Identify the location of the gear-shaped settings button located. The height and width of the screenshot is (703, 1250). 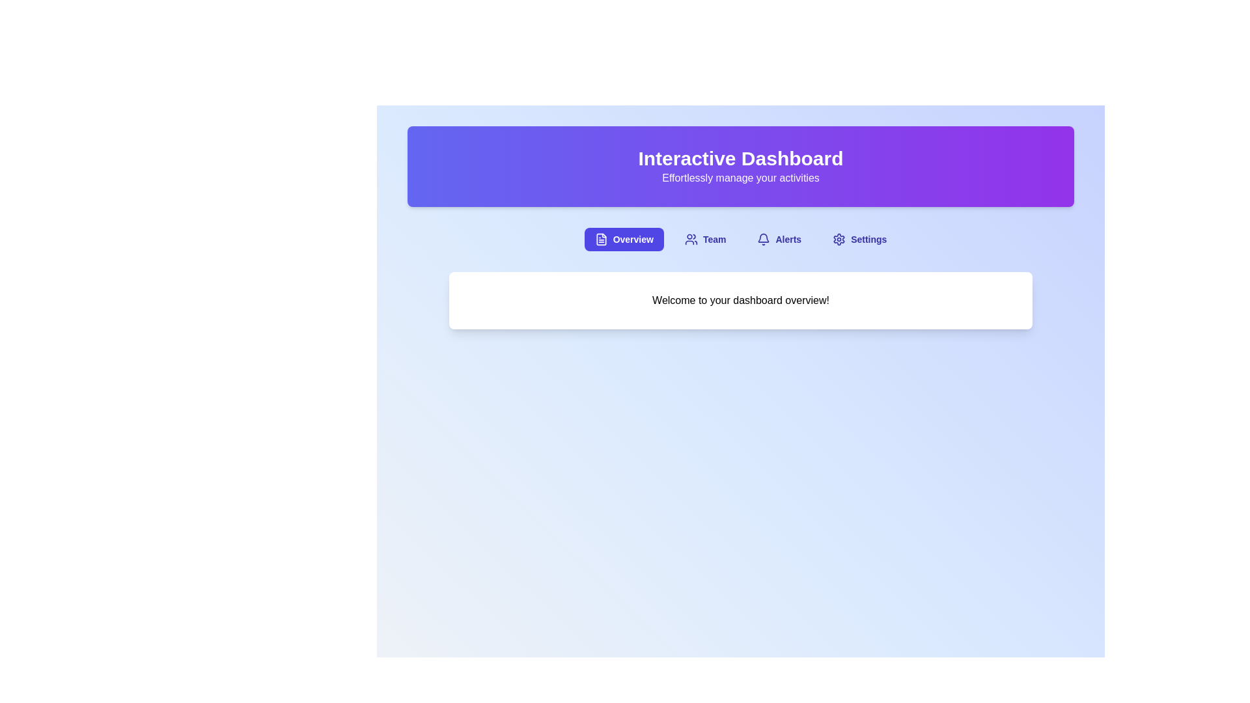
(839, 239).